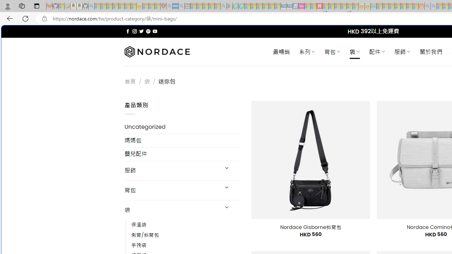 This screenshot has width=452, height=254. I want to click on 'Expert Portfolios - Sleeping', so click(397, 6).